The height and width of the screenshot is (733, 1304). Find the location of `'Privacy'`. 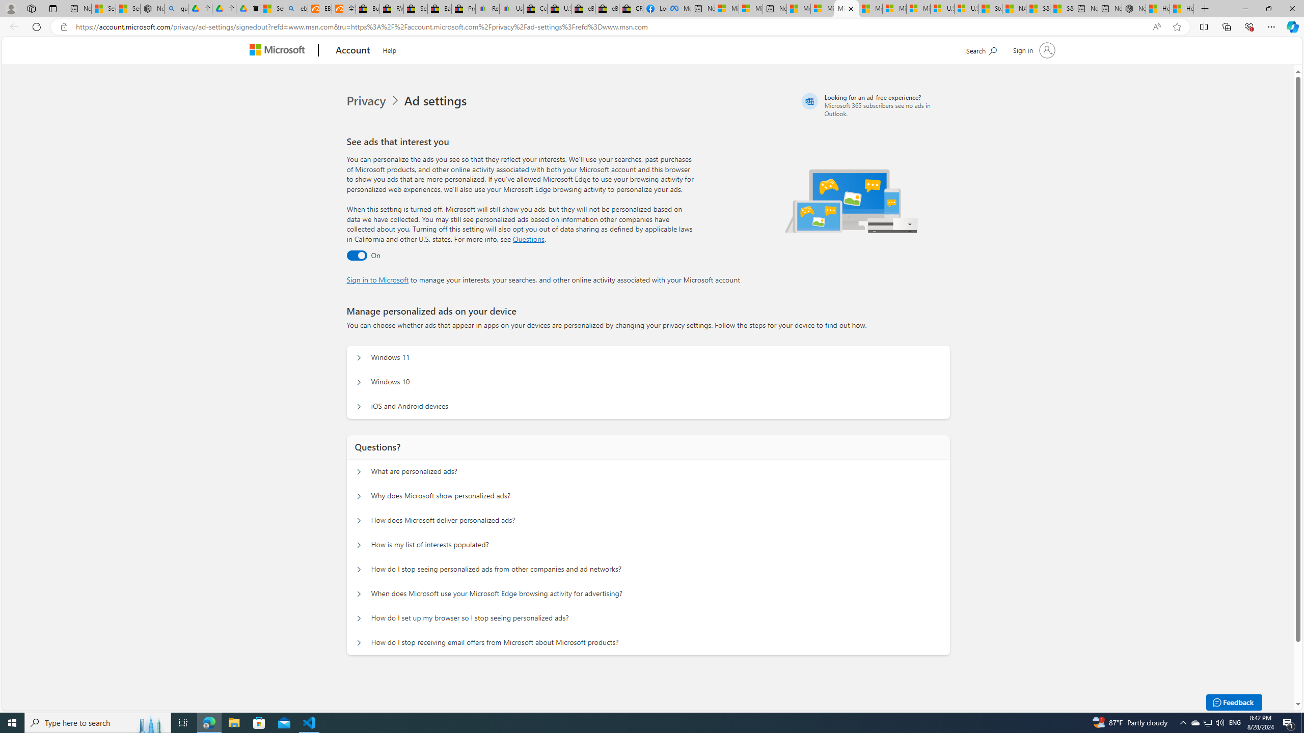

'Privacy' is located at coordinates (374, 101).